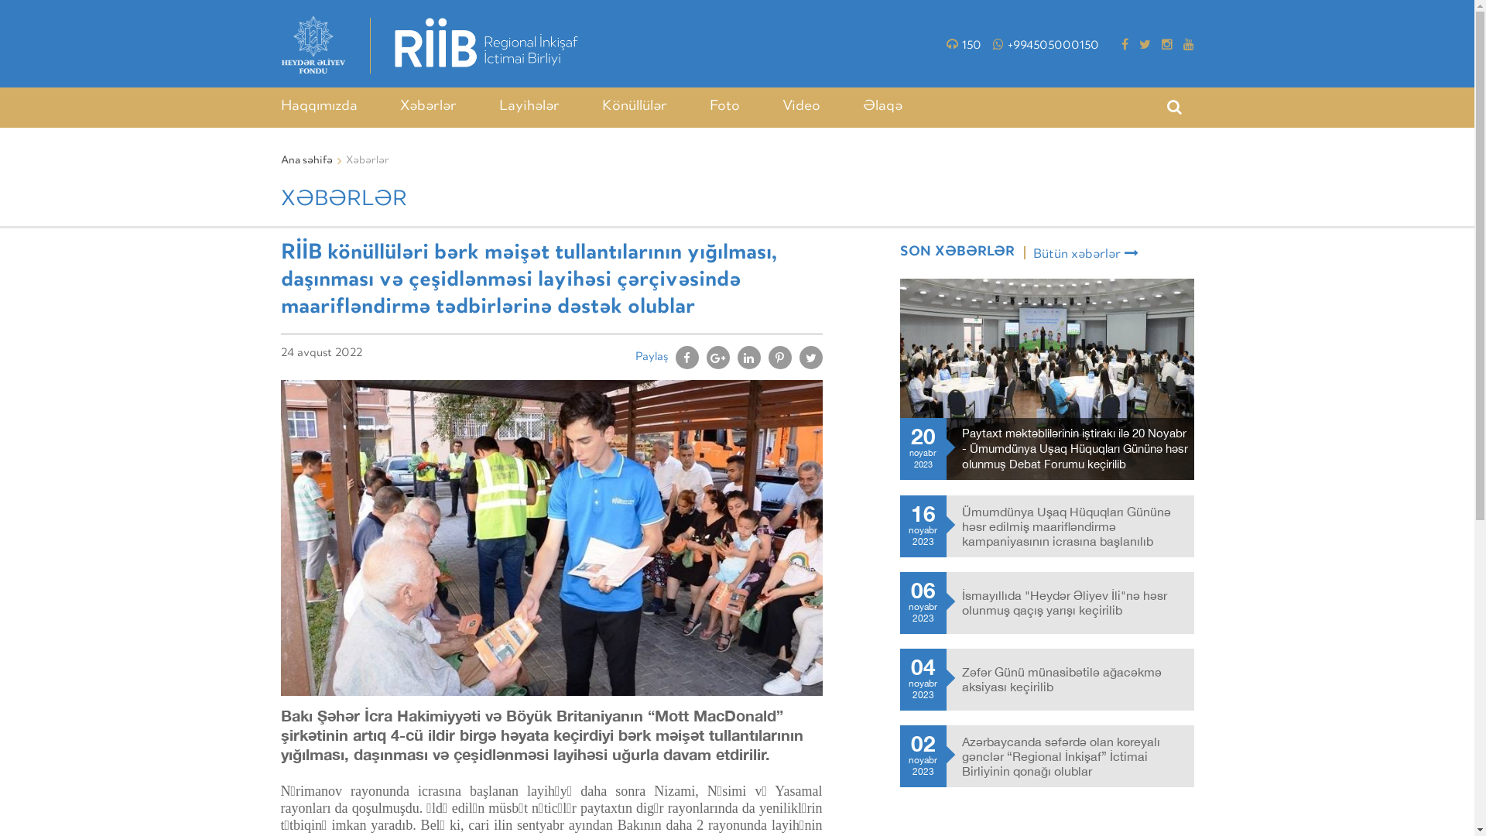 This screenshot has height=836, width=1486. I want to click on 'Share on Facebook', so click(675, 358).